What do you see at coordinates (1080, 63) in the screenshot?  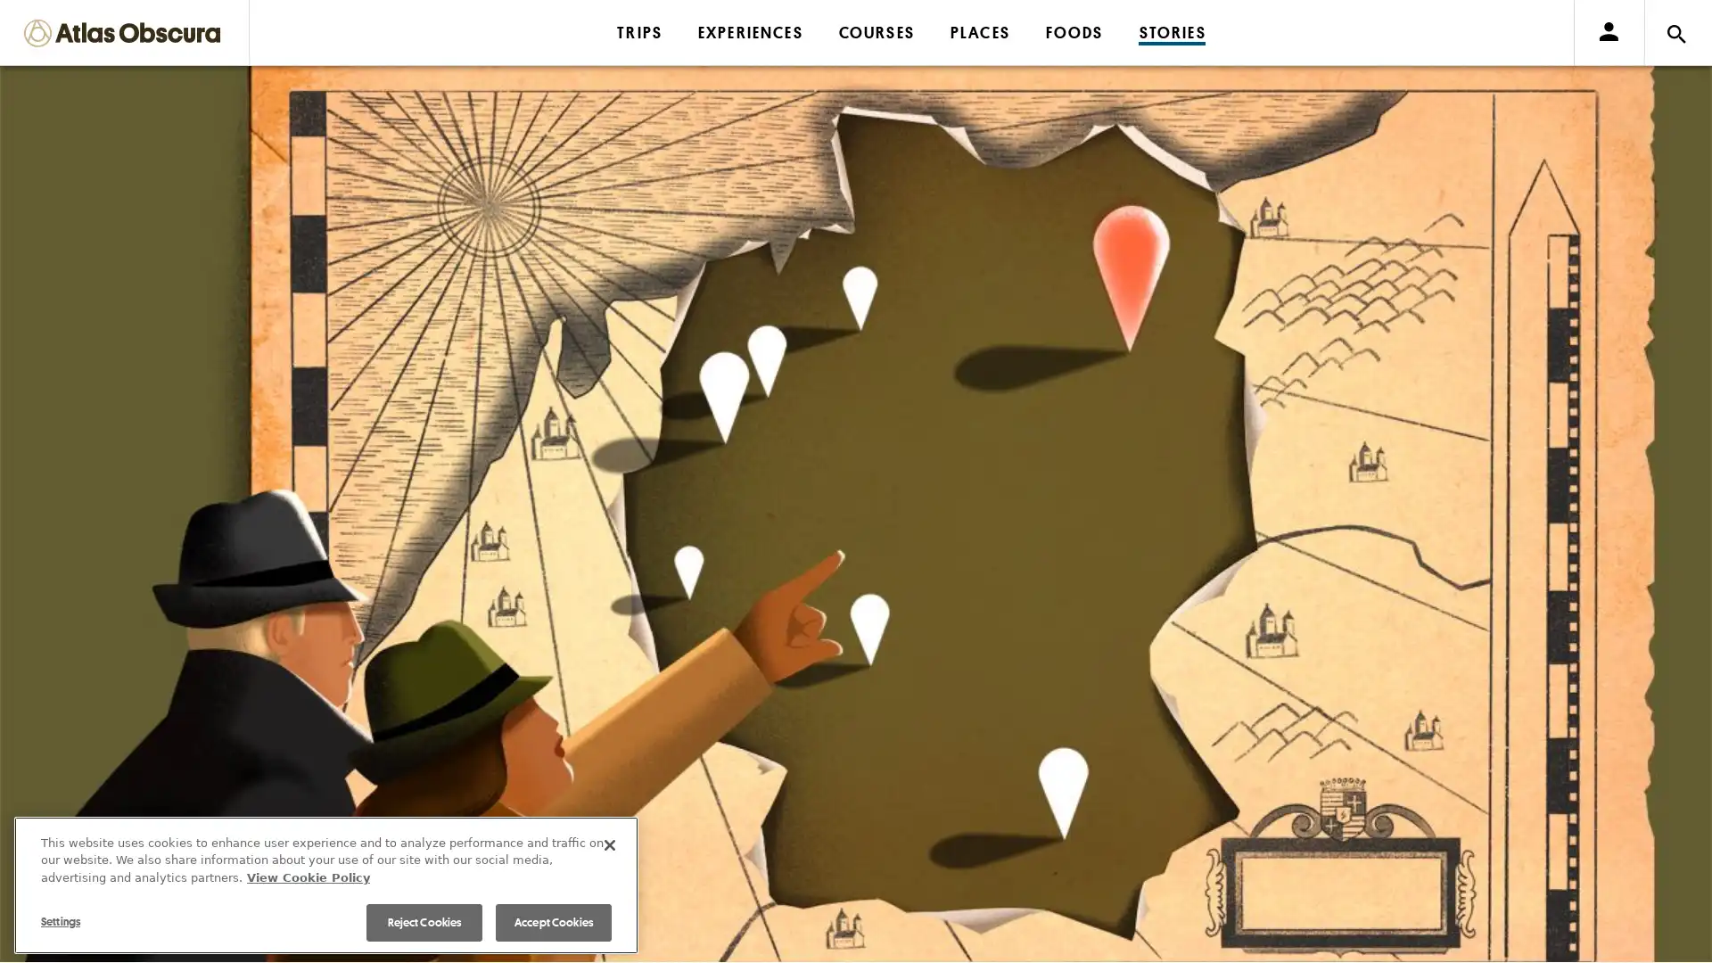 I see `Search` at bounding box center [1080, 63].